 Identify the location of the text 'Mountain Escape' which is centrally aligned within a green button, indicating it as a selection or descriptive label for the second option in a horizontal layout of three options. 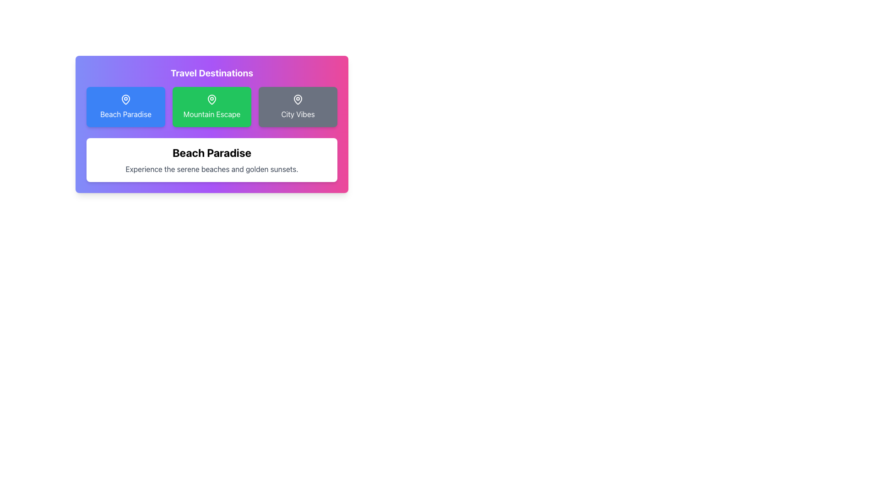
(211, 114).